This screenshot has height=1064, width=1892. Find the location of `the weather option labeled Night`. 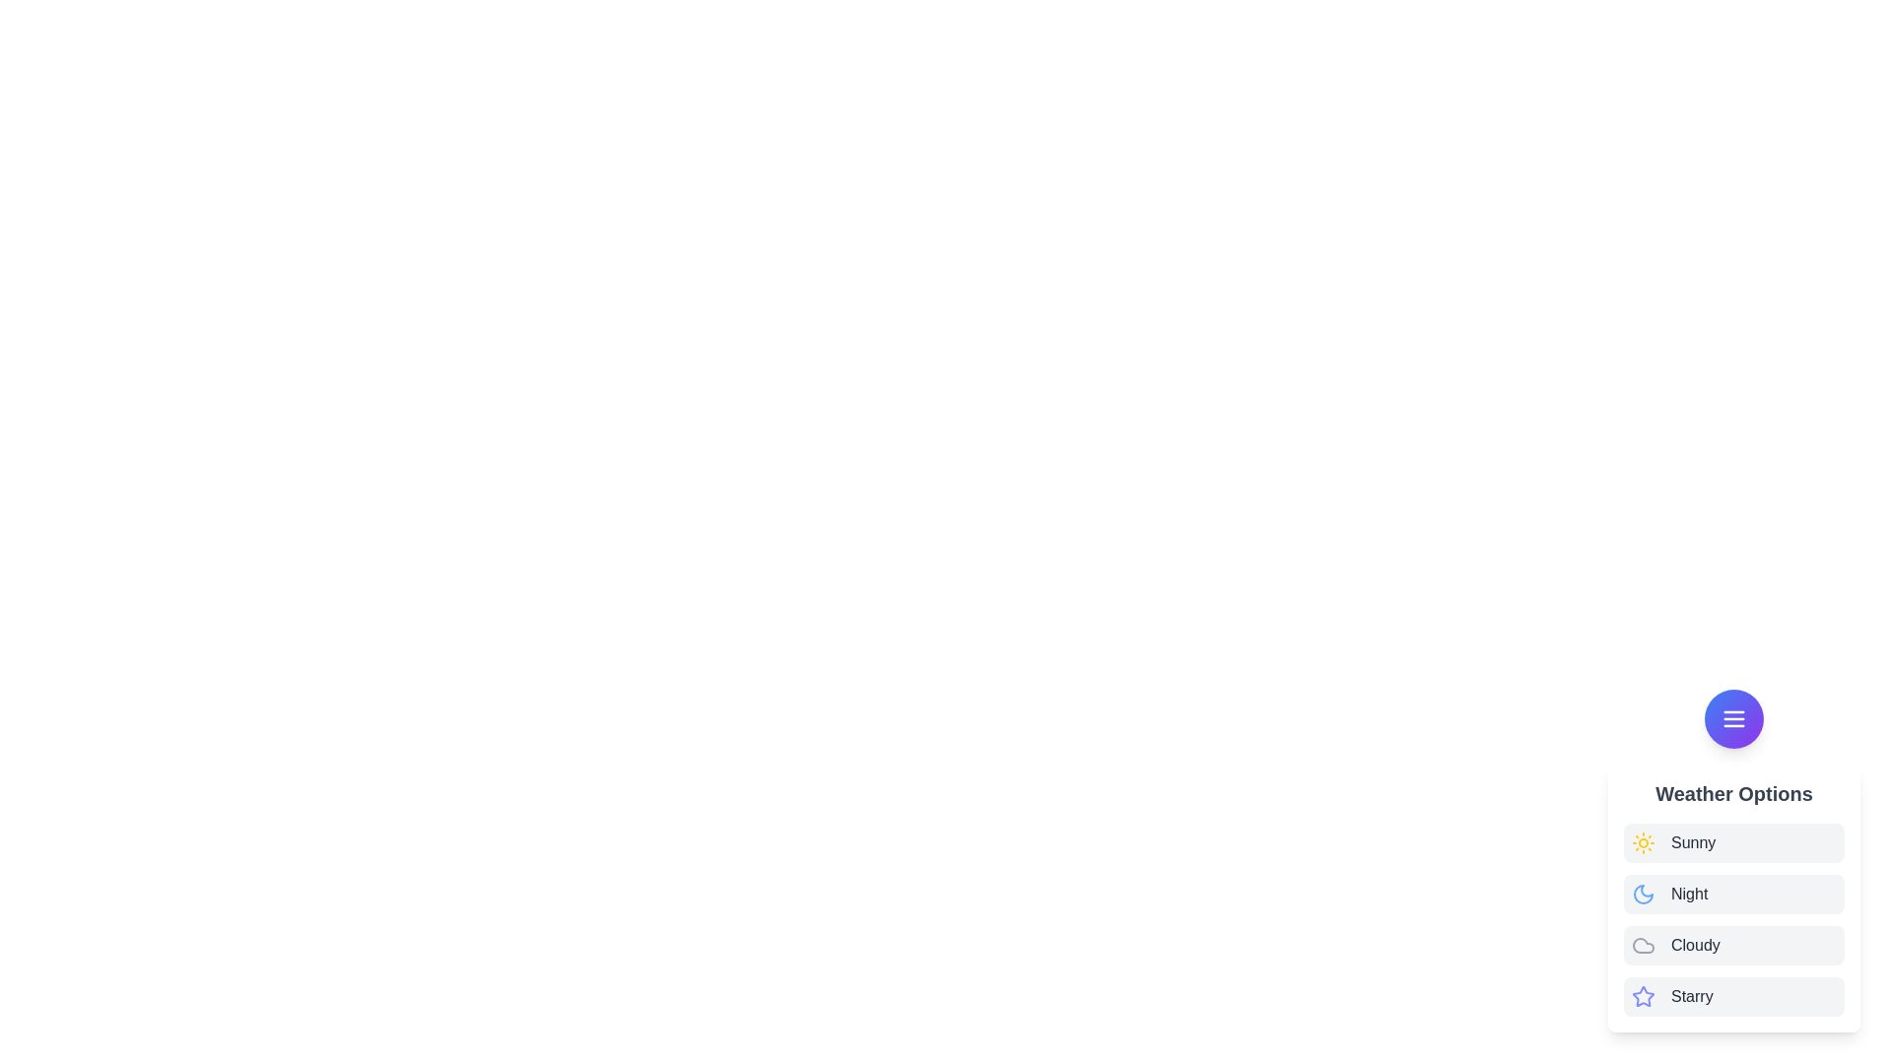

the weather option labeled Night is located at coordinates (1688, 894).